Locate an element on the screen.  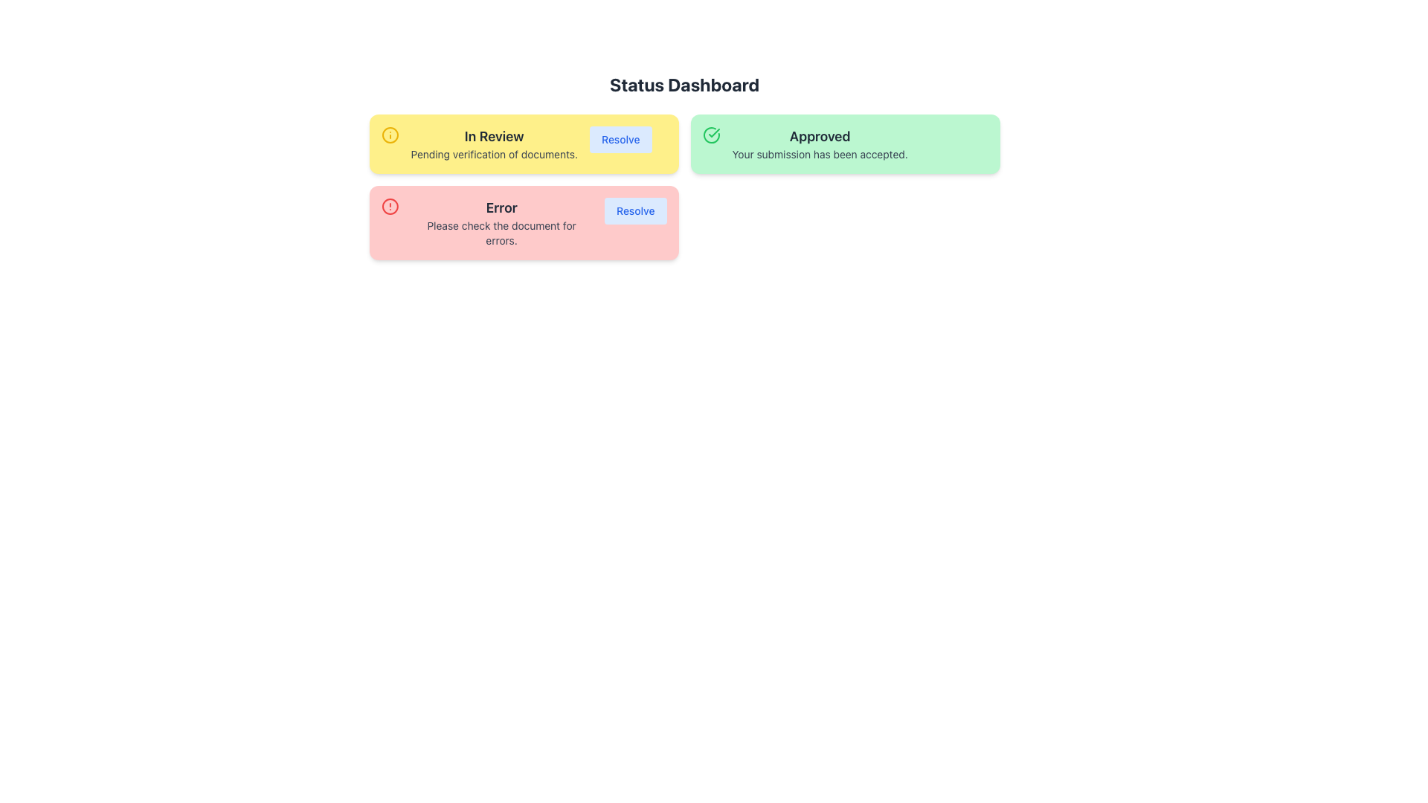
the circular icon with a yellow outline and an inner information symbol ('i') located on the left side of the 'In Review' notification card is located at coordinates (390, 135).